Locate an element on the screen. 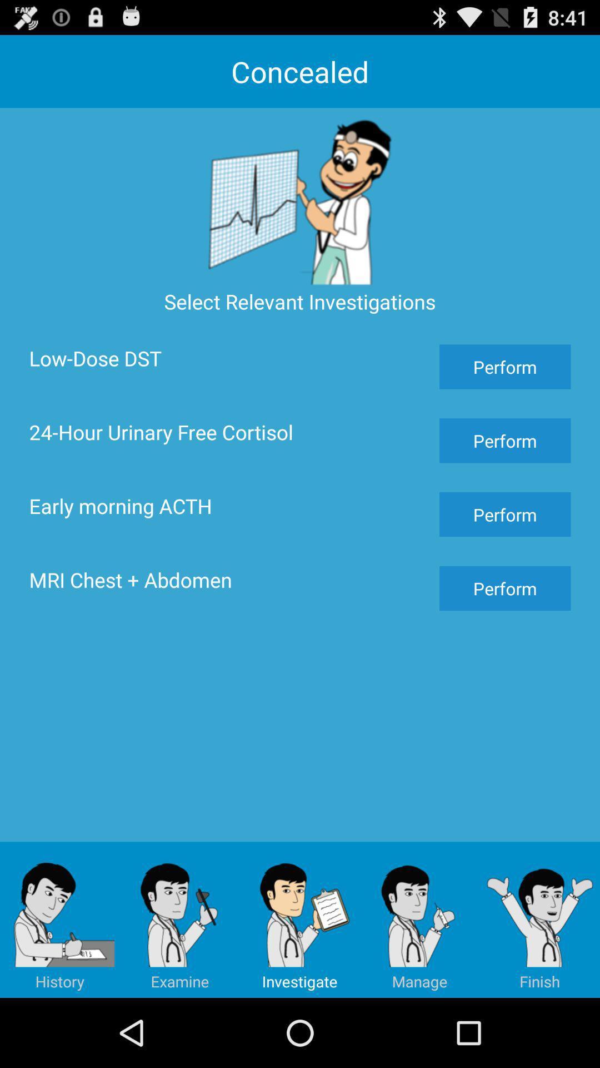 The width and height of the screenshot is (600, 1068). item below mri chest + abdomen item is located at coordinates (420, 919).